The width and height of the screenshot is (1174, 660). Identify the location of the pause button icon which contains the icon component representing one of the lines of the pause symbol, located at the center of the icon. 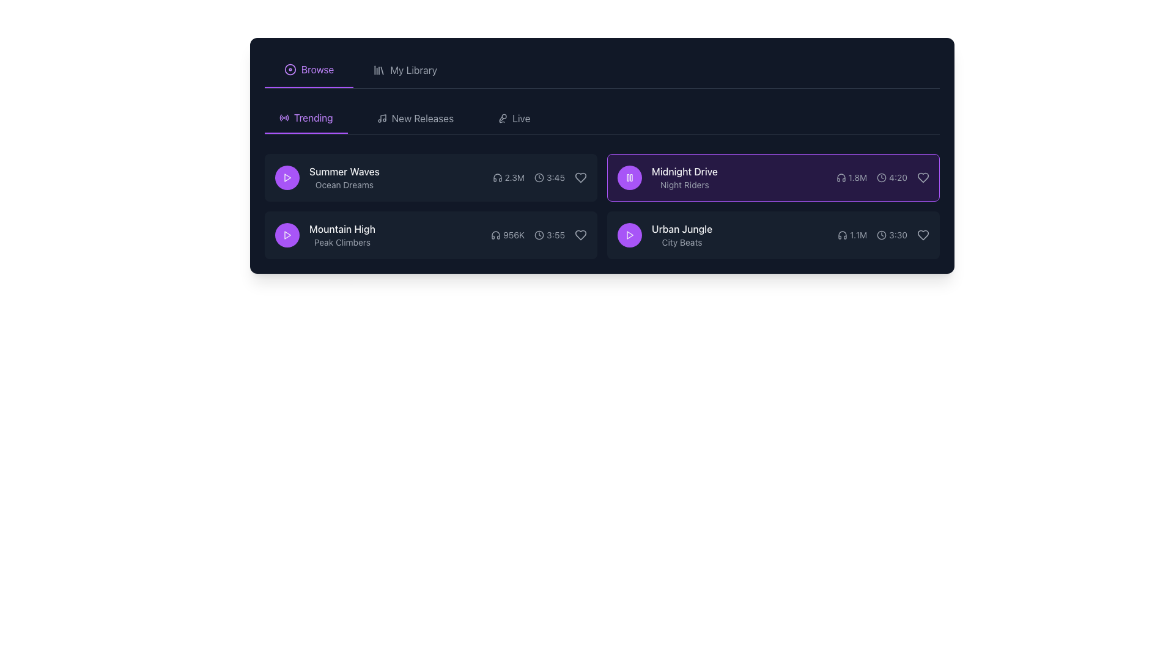
(628, 177).